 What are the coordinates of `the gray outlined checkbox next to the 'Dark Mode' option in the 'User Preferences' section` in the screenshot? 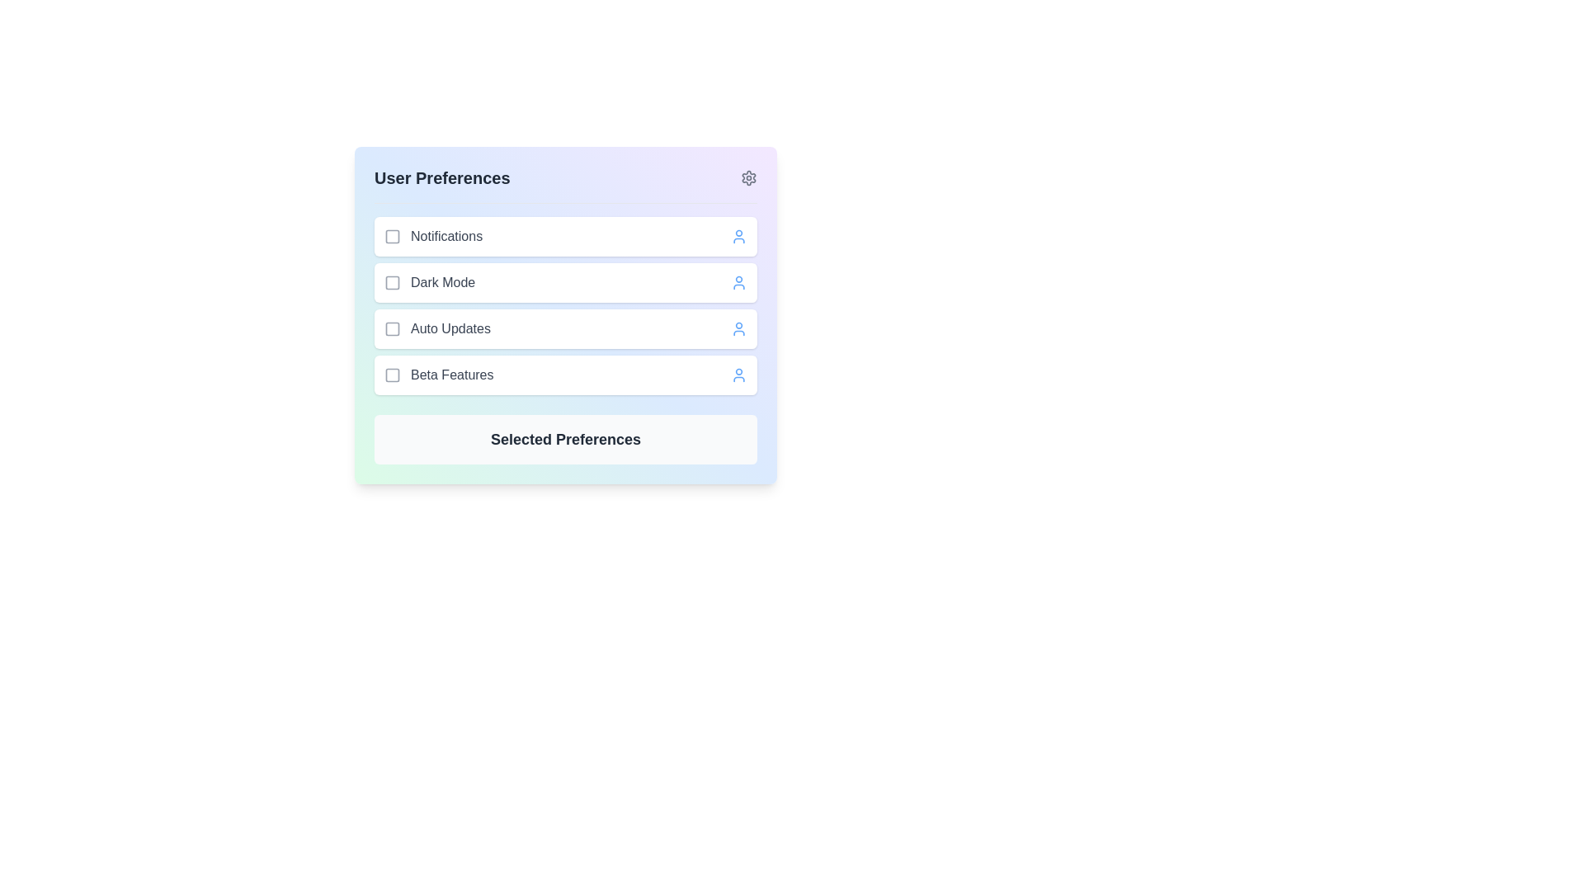 It's located at (391, 282).